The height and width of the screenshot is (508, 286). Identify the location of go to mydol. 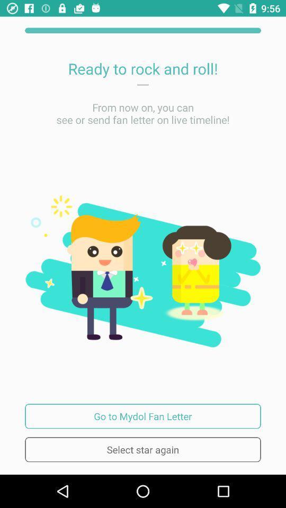
(143, 416).